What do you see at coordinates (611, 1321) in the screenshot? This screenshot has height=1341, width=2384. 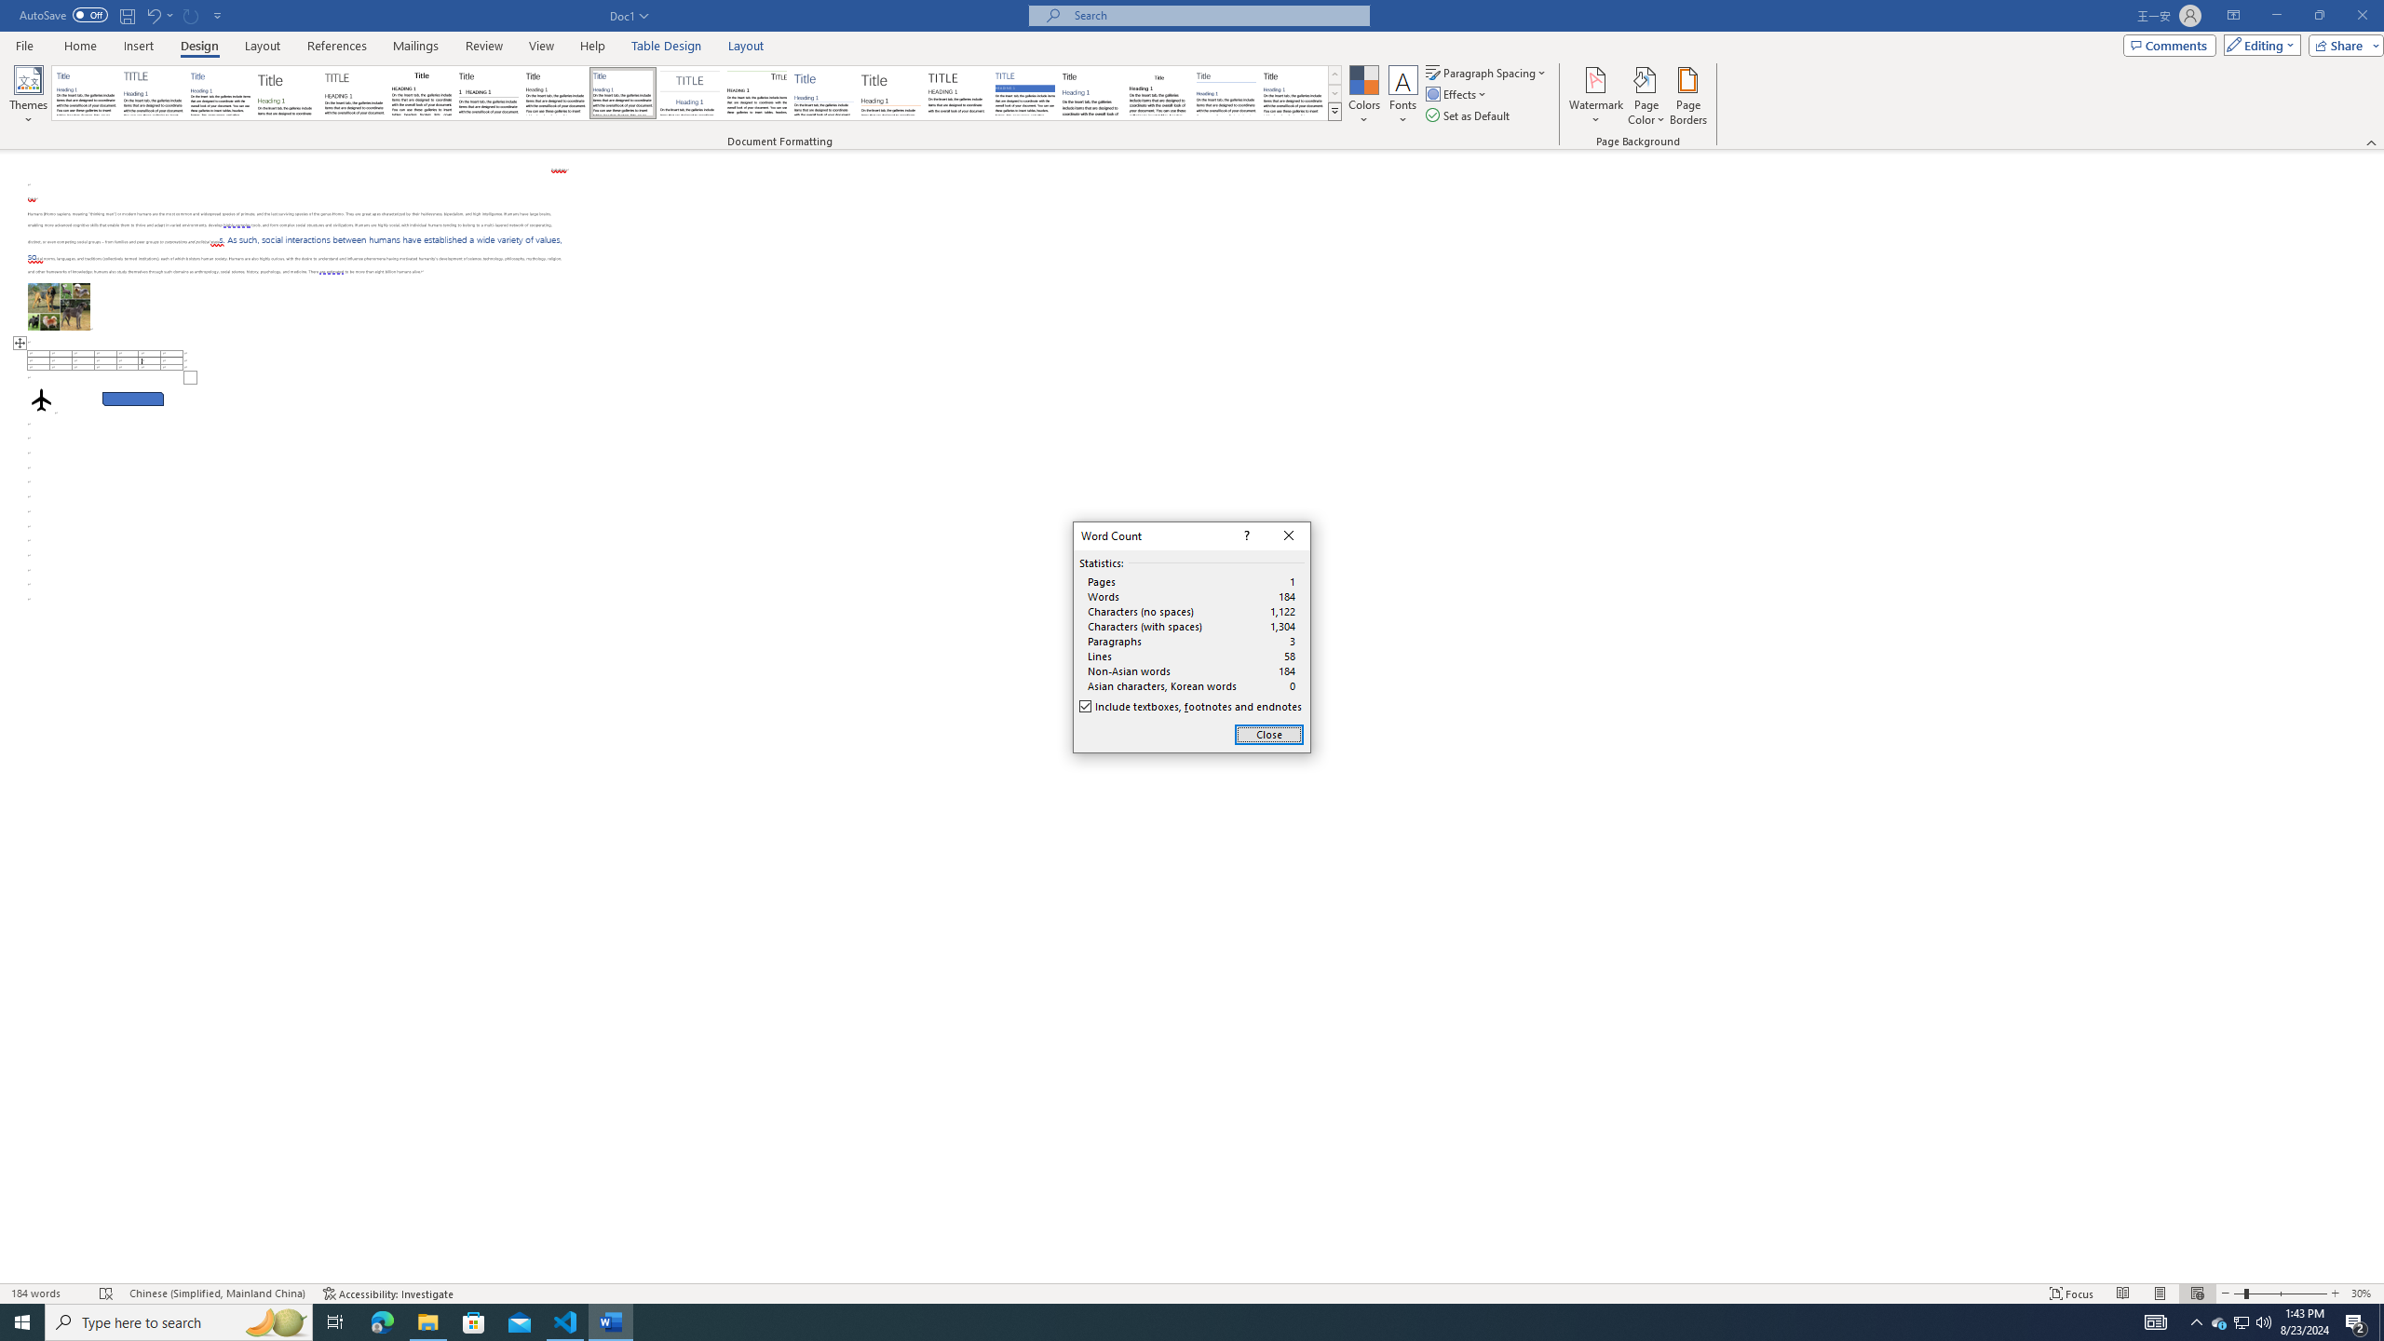 I see `'Word - 1 running window'` at bounding box center [611, 1321].